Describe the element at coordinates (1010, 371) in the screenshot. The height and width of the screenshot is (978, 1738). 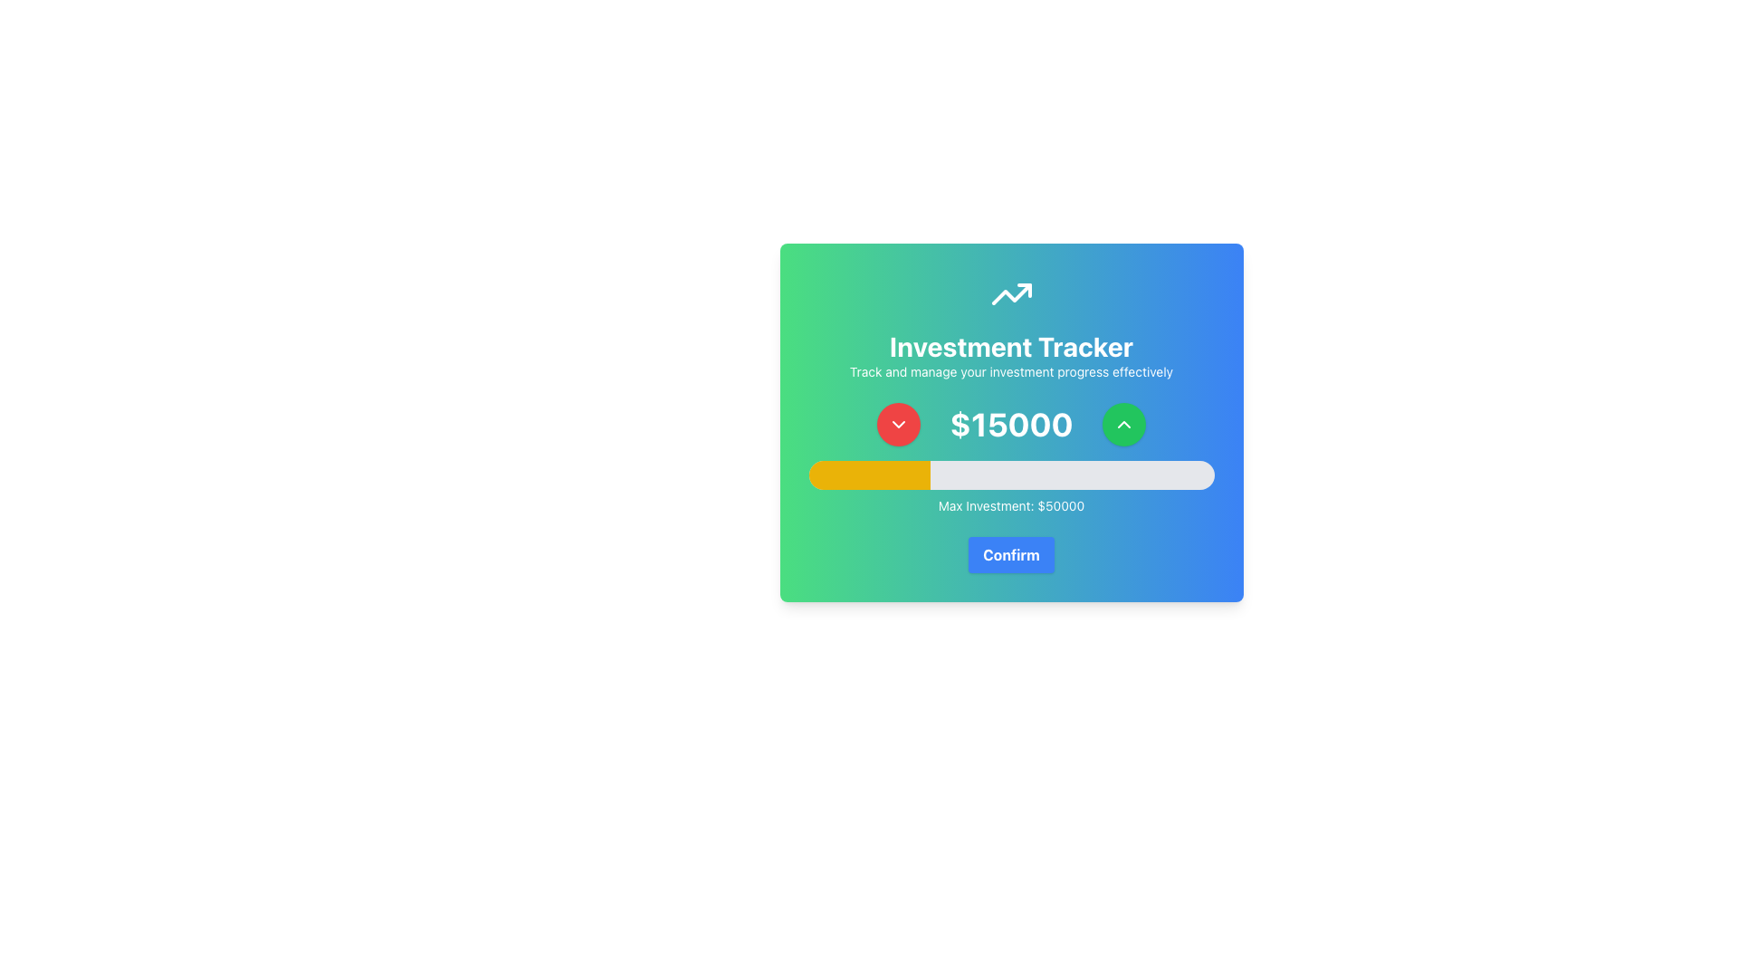
I see `text from the Text Label that displays 'Track and manage your investment progress effectively.' located beneath 'Investment Tracker'` at that location.